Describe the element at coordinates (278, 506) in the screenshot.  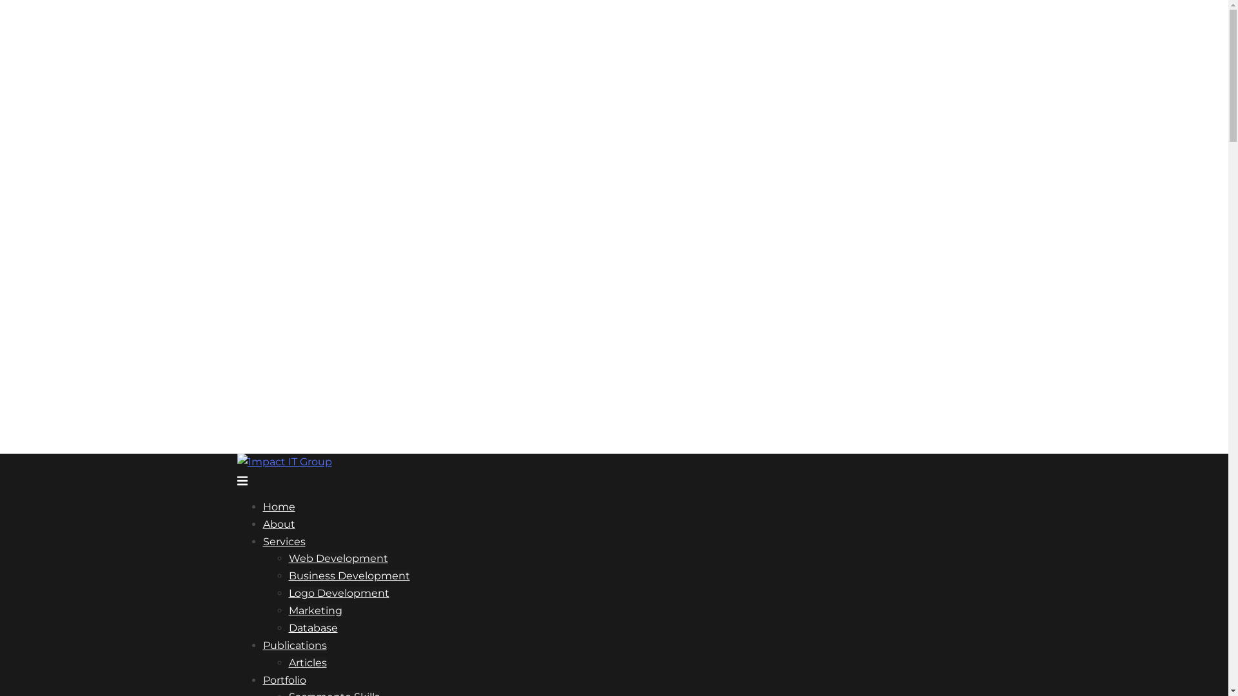
I see `'Home'` at that location.